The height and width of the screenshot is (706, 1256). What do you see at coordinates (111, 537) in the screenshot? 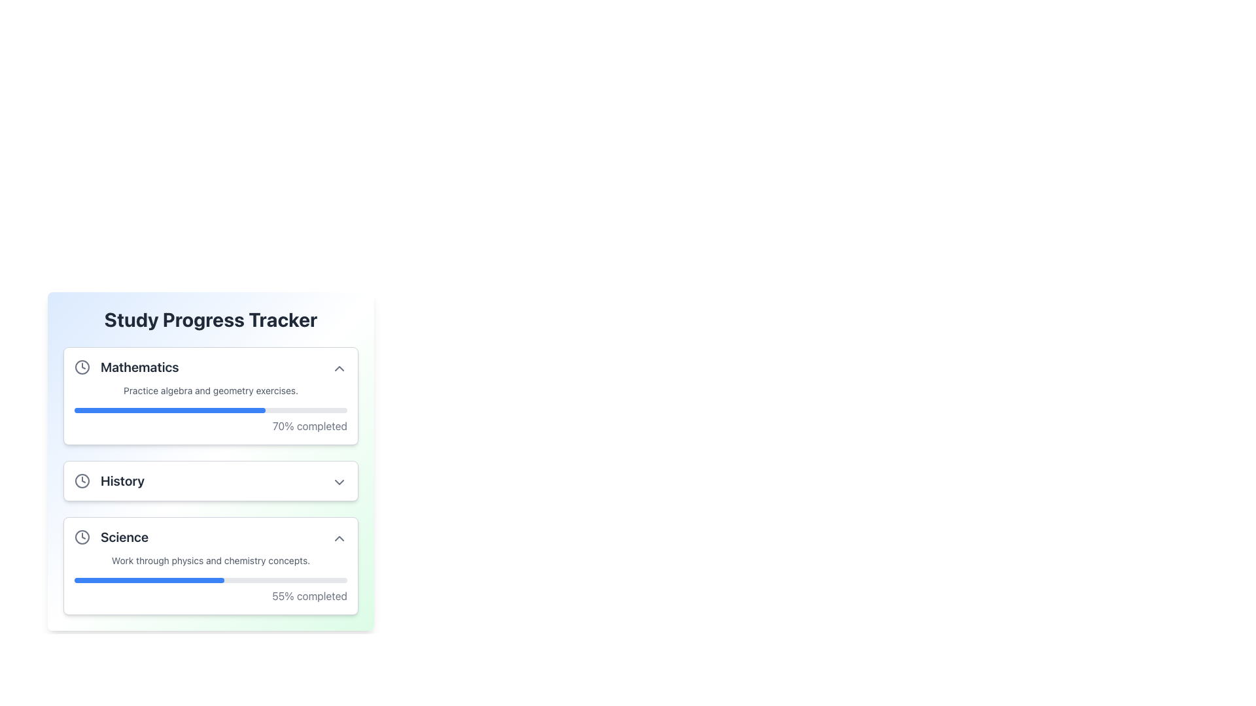
I see `the text label displaying 'Science' in bold grayish font, located in the third section of the Study Progress Tracker card` at bounding box center [111, 537].